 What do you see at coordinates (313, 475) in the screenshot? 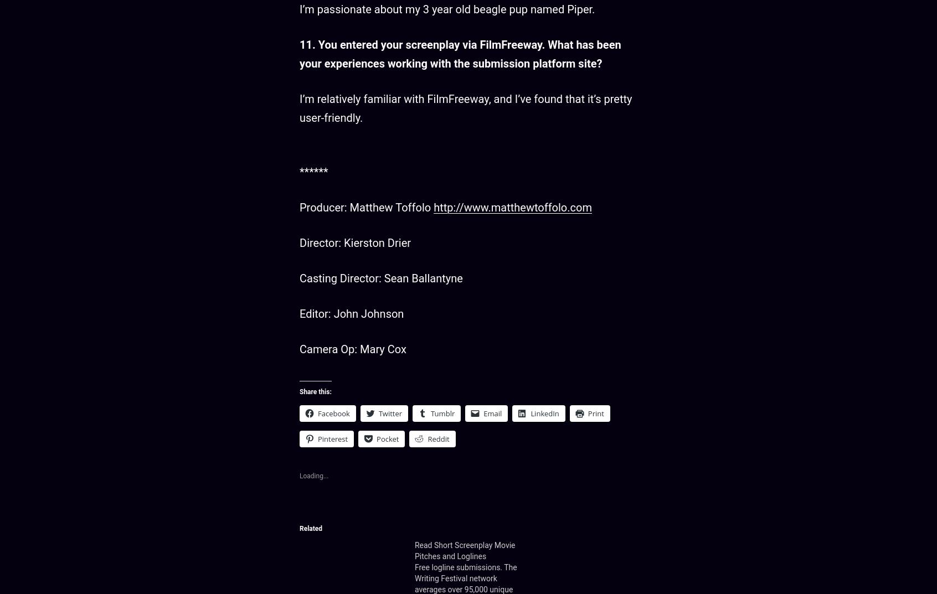
I see `'Loading...'` at bounding box center [313, 475].